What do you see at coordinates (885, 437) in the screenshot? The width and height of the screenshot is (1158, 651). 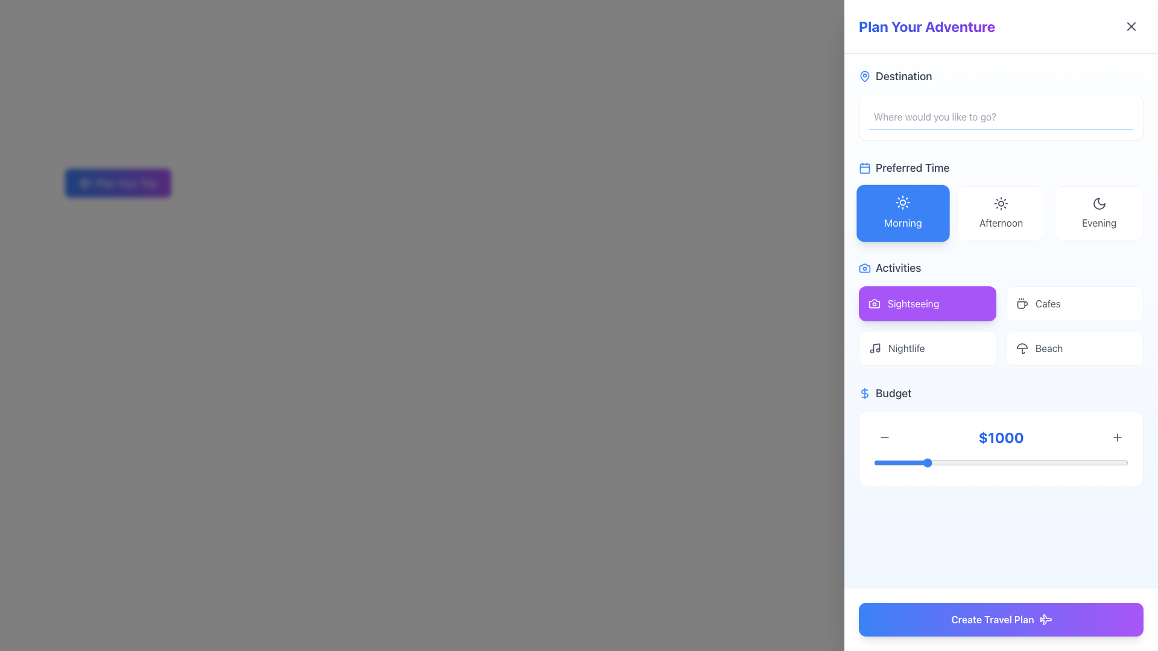 I see `the minus sign icon button inside the circular button to decrease the budget value by a set step` at bounding box center [885, 437].